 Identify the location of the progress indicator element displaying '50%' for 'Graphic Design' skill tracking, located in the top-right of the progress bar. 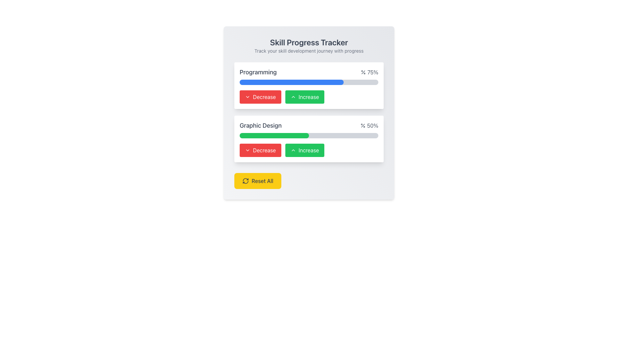
(369, 126).